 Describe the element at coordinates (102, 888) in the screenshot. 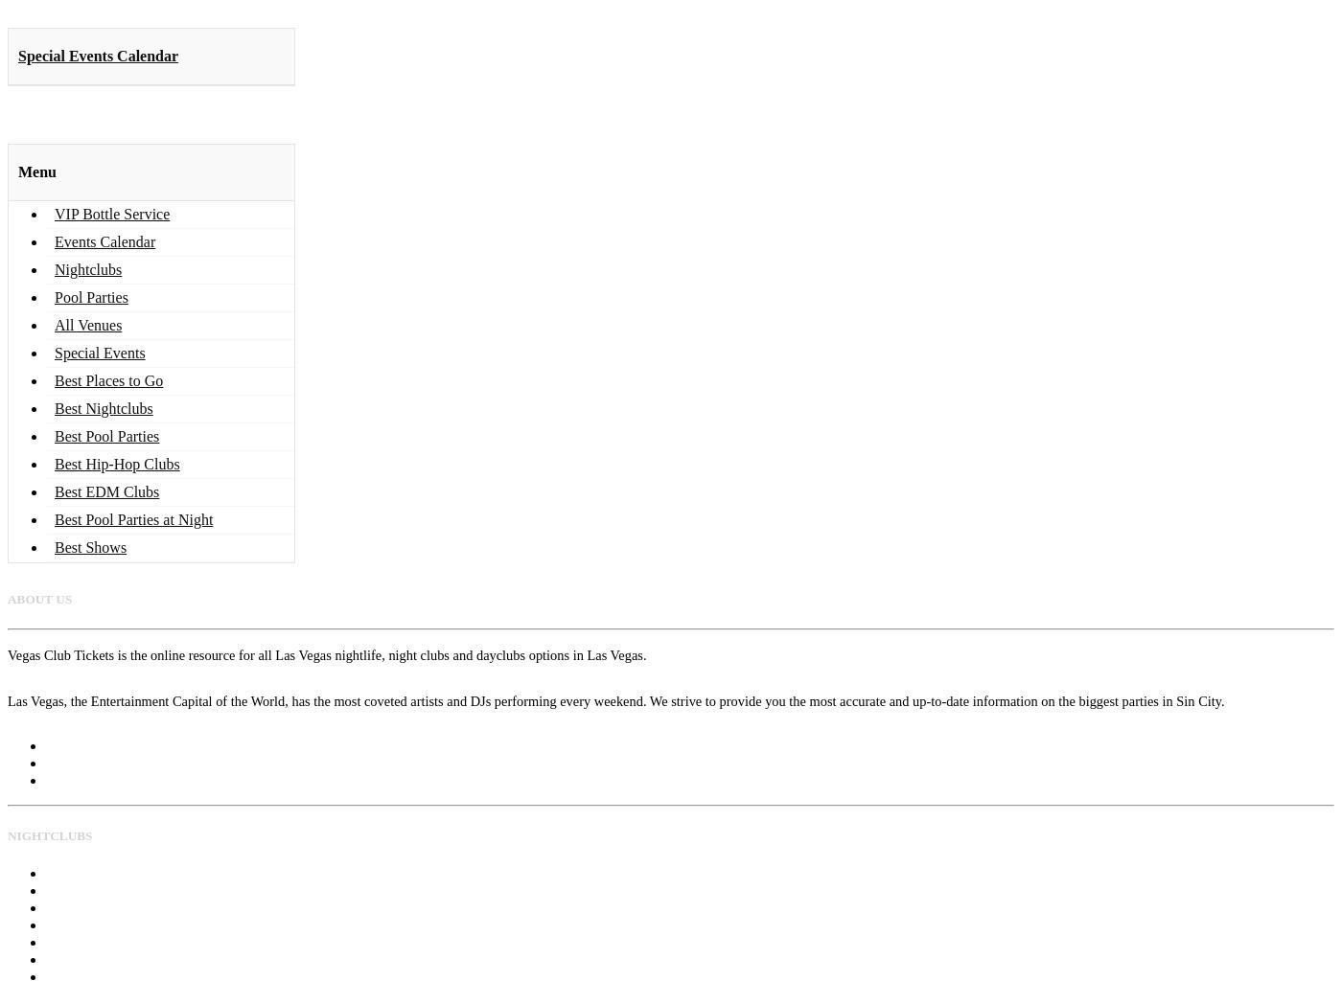

I see `'Hakkasan Las Vegas'` at that location.